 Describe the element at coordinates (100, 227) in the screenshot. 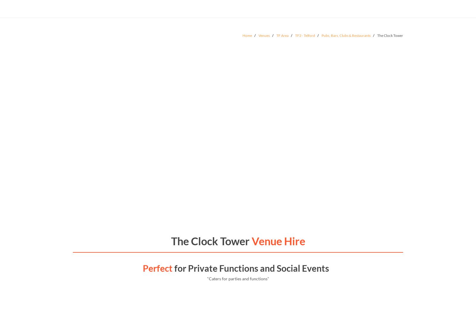

I see `'The Beehive'` at that location.